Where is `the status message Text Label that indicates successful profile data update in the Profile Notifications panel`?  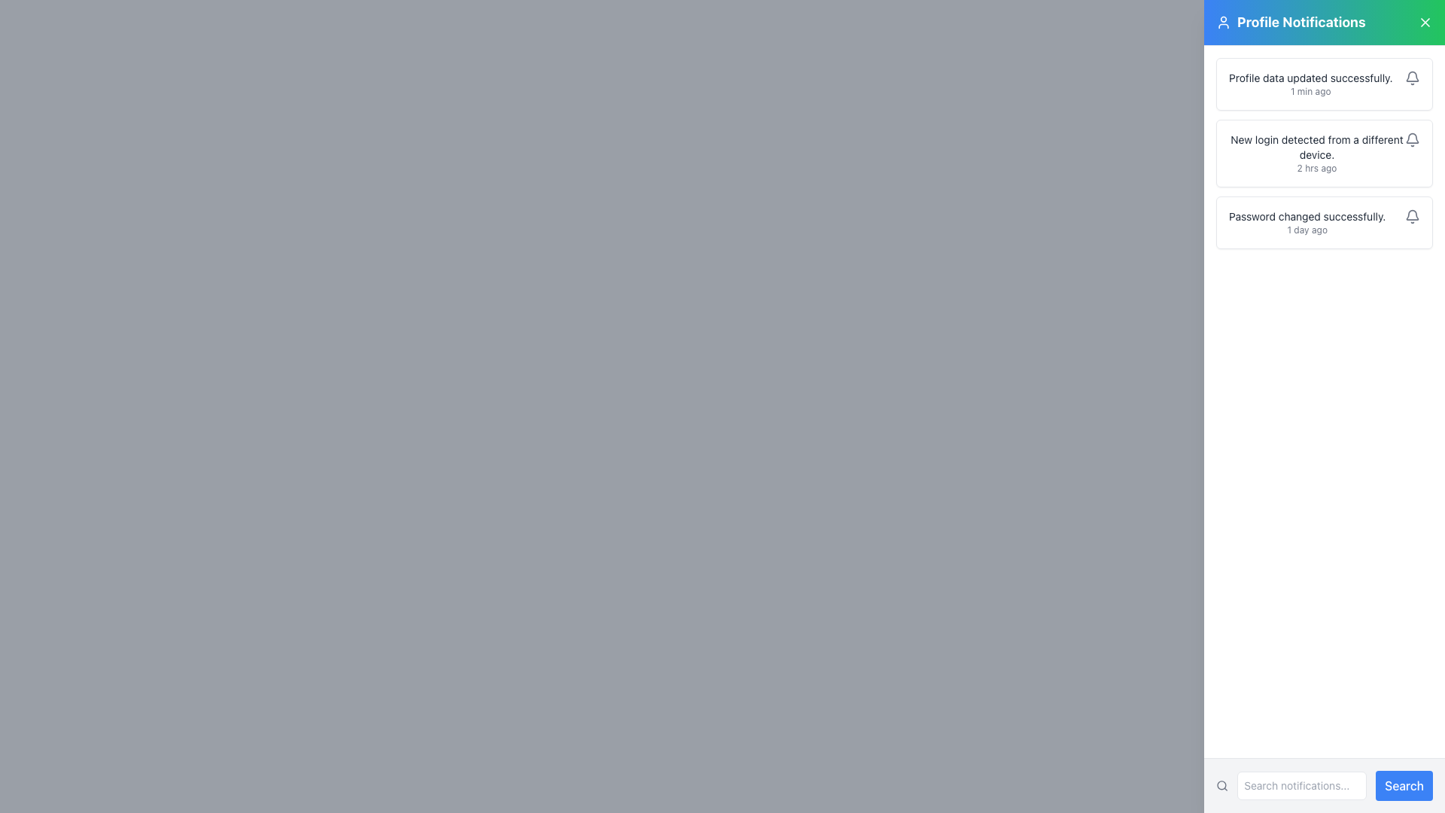
the status message Text Label that indicates successful profile data update in the Profile Notifications panel is located at coordinates (1310, 78).